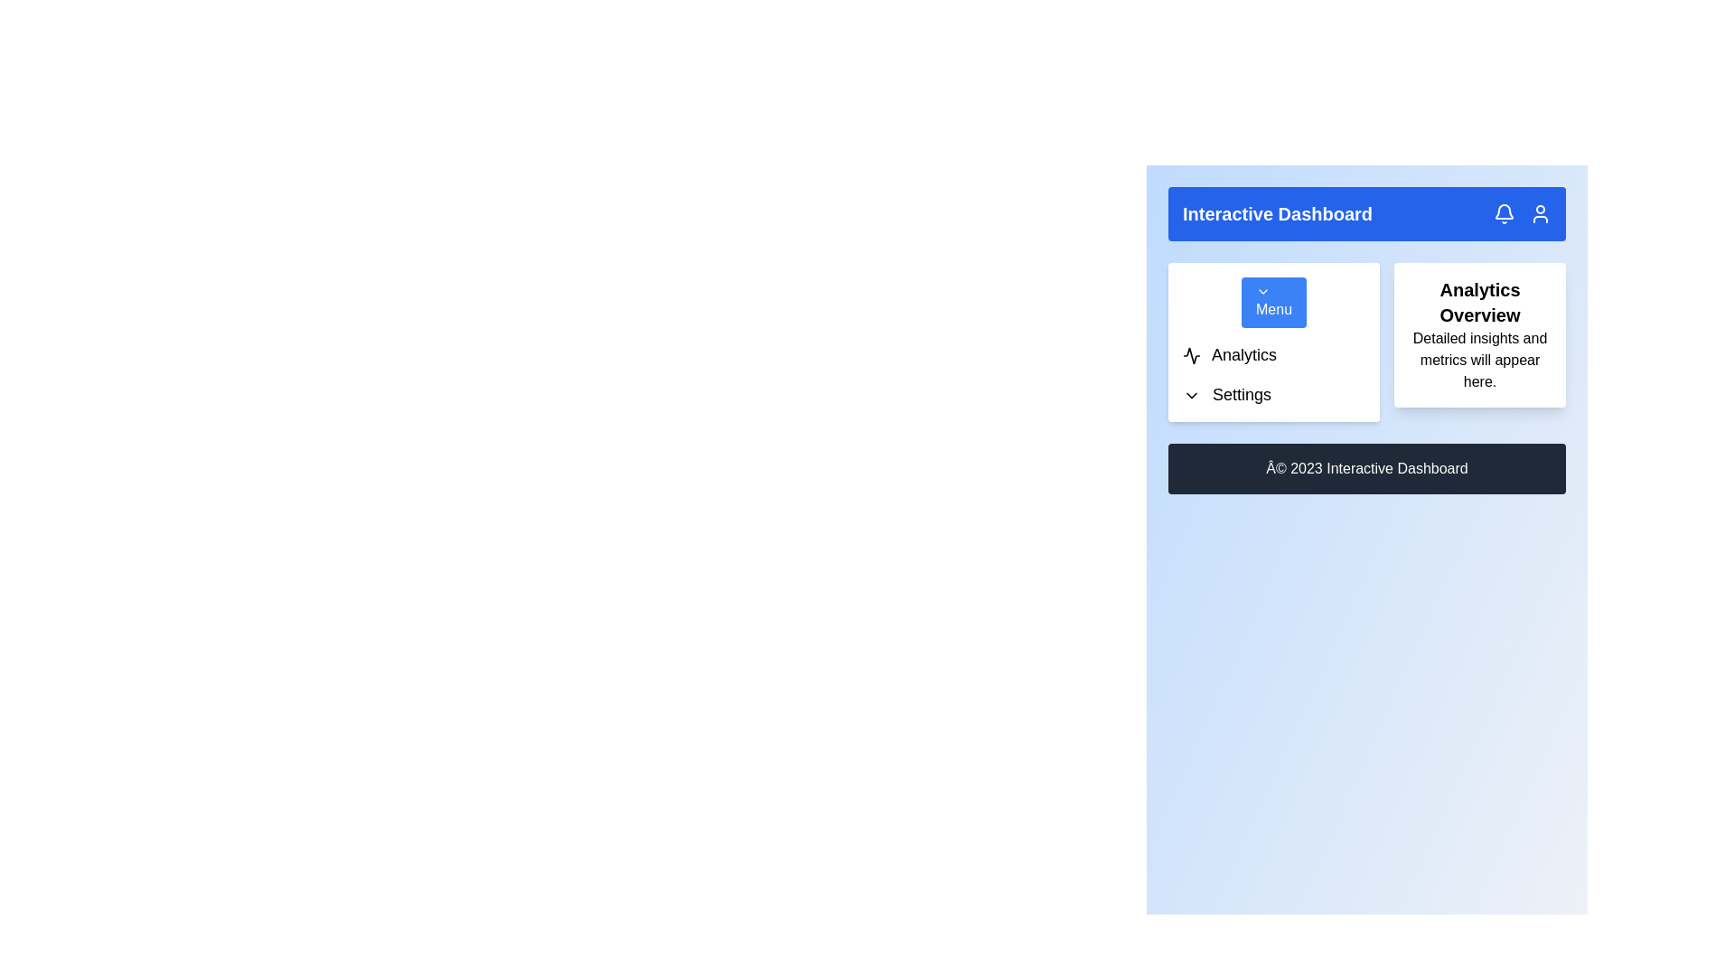  Describe the element at coordinates (1192, 355) in the screenshot. I see `the small monochrome icon styled as a pulse or activity graph, which is located to the left of the 'Analytics' text label` at that location.